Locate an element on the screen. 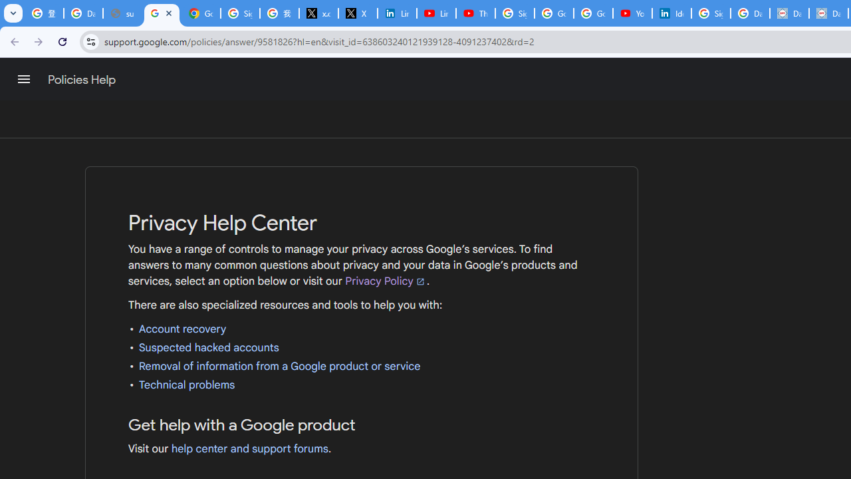  'LinkedIn - YouTube' is located at coordinates (436, 13).